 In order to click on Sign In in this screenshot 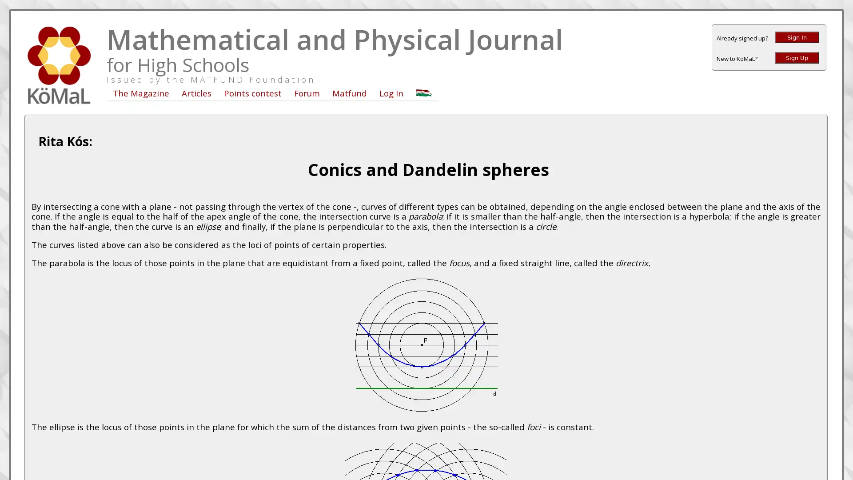, I will do `click(797, 37)`.